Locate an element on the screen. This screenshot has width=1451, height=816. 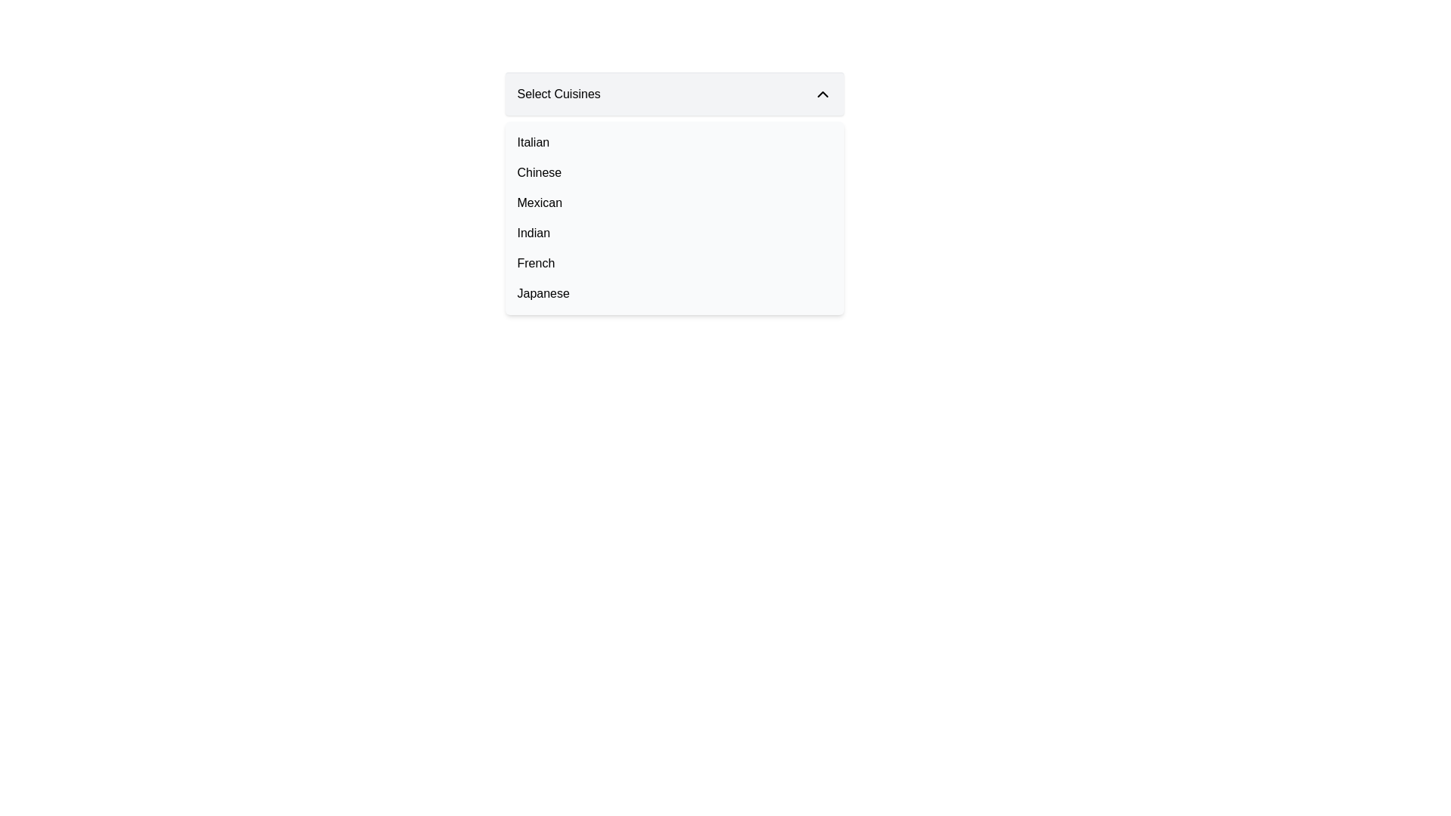
to select the 'French' option from the fifth item in the dropdown menu, which is located directly below the 'Indian' item and above the 'Japanese' item is located at coordinates (673, 262).